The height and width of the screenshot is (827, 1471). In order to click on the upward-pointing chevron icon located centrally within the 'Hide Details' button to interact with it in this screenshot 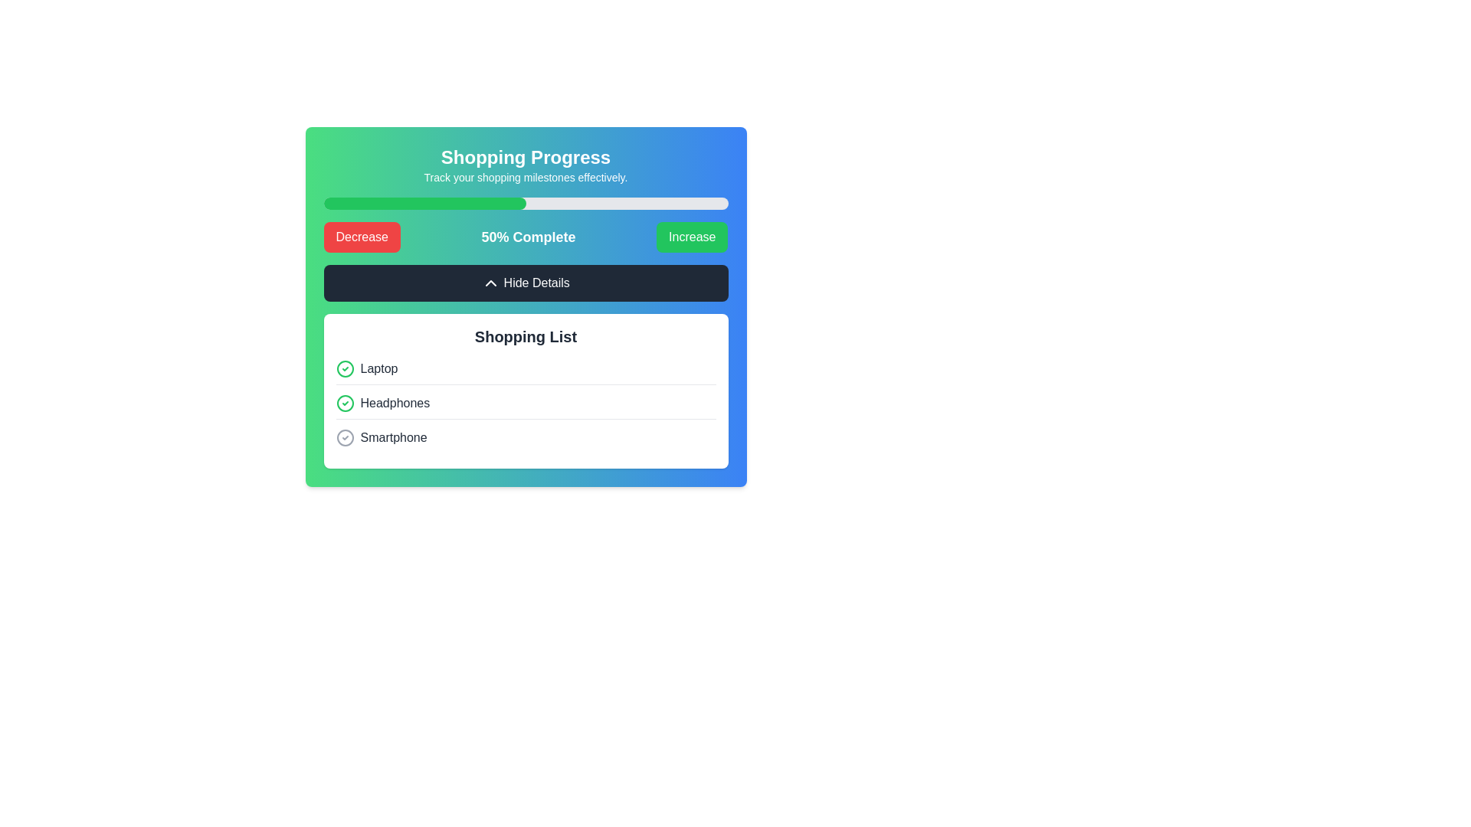, I will do `click(491, 283)`.